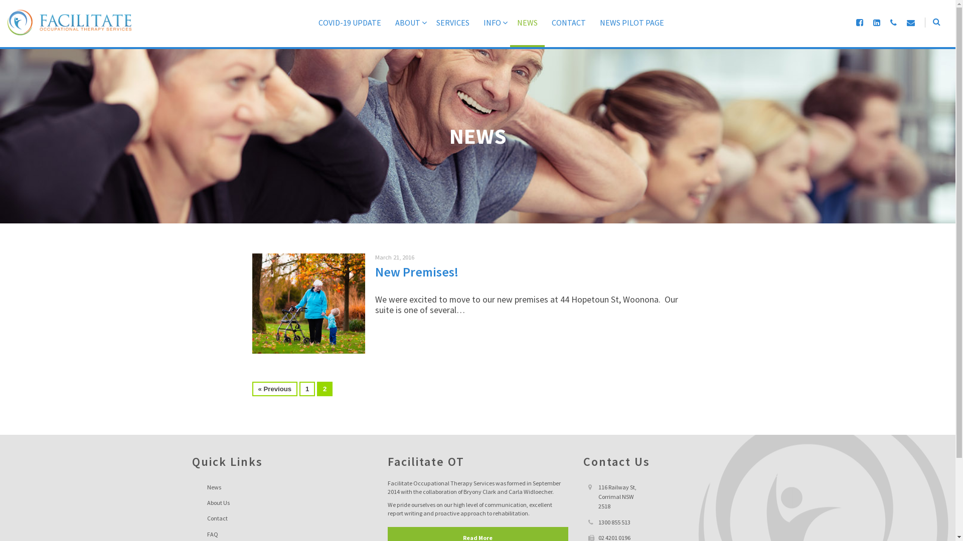 This screenshot has width=963, height=541. Describe the element at coordinates (350, 31) in the screenshot. I see `'COVID-19 UPDATE'` at that location.